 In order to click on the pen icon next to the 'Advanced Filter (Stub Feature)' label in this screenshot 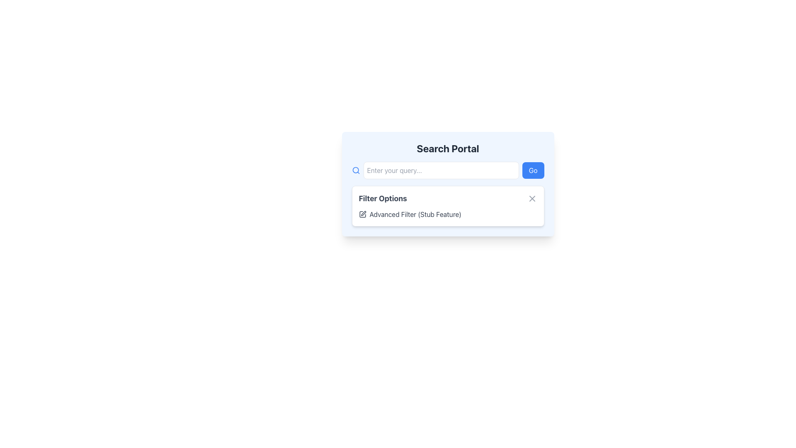, I will do `click(363, 213)`.